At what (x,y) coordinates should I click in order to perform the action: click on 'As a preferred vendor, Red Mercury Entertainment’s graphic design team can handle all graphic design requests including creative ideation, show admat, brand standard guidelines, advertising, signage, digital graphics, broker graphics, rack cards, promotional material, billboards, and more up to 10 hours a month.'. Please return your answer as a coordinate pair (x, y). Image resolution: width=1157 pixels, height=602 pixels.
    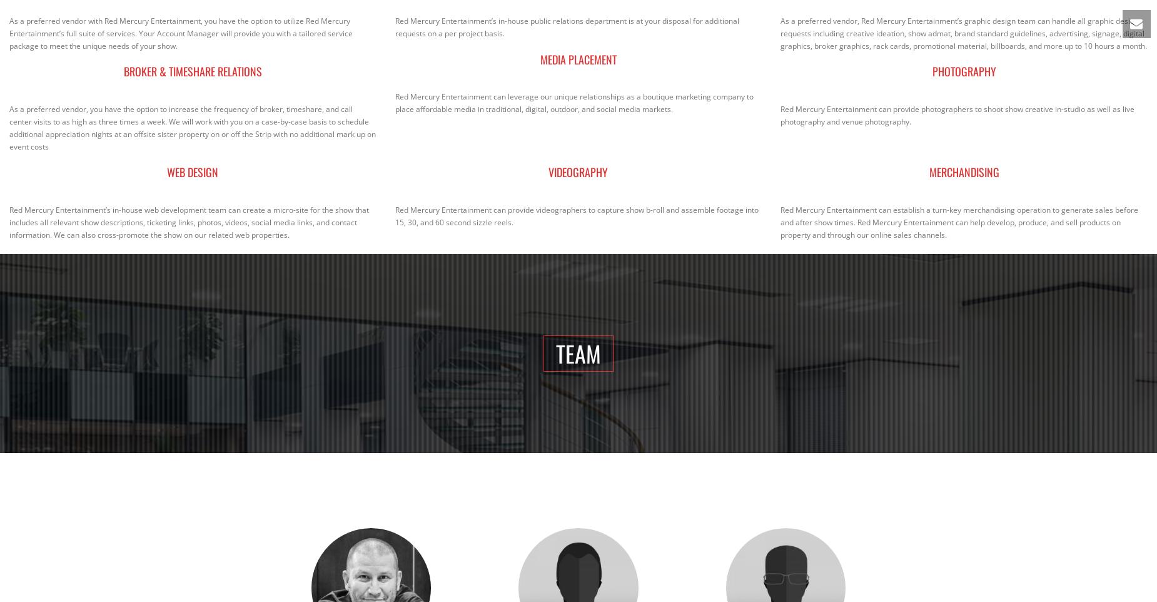
    Looking at the image, I should click on (964, 33).